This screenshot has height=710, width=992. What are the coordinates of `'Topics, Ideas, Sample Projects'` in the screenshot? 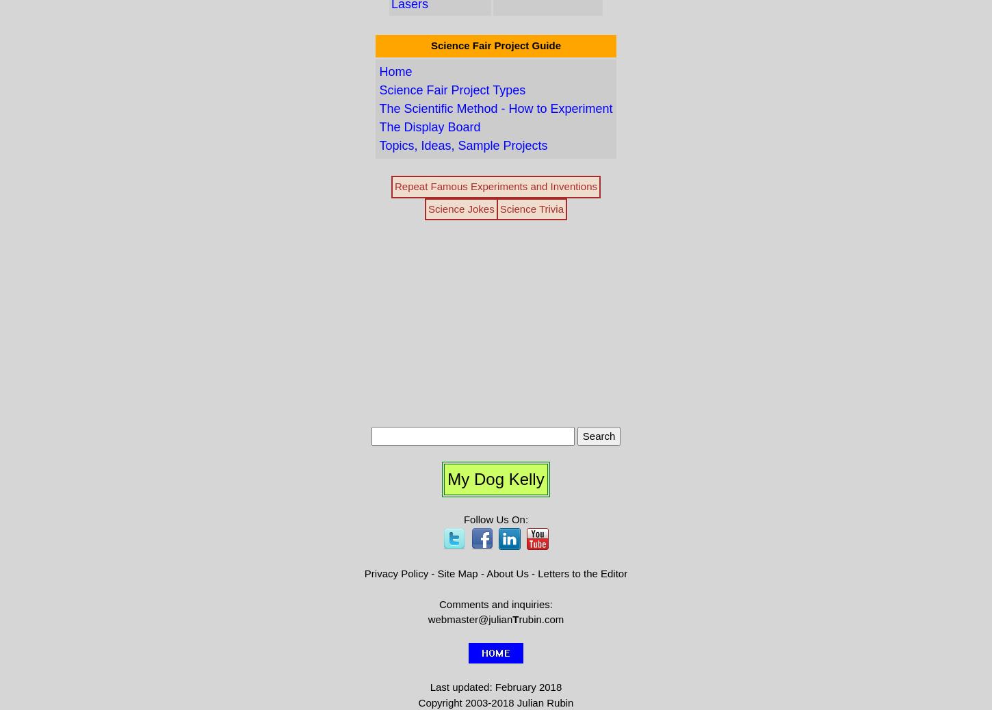 It's located at (462, 144).